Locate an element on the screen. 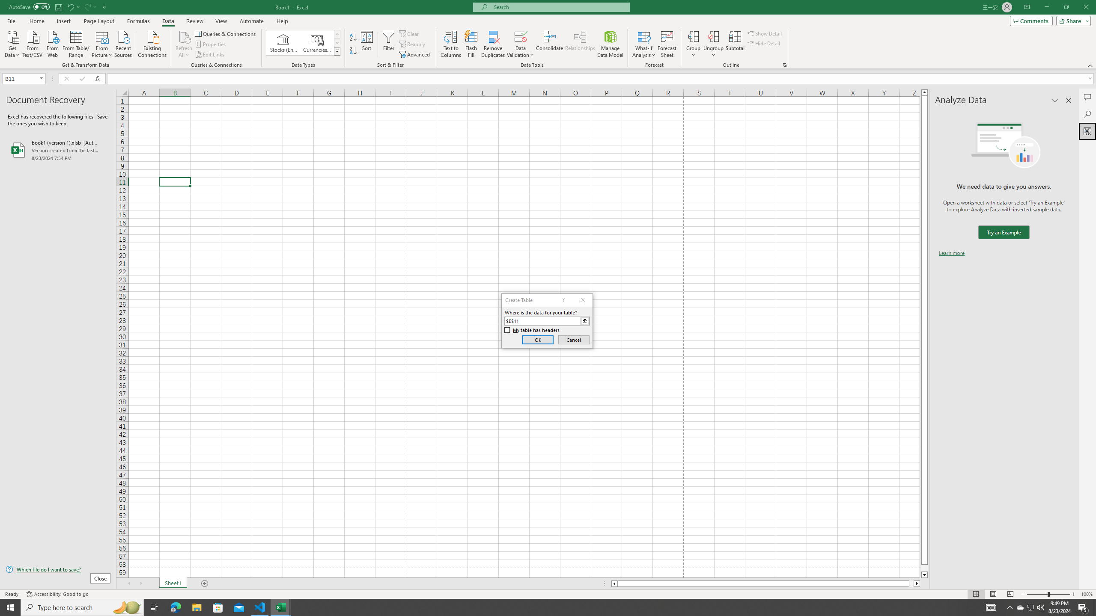  'Recent Sources' is located at coordinates (123, 43).